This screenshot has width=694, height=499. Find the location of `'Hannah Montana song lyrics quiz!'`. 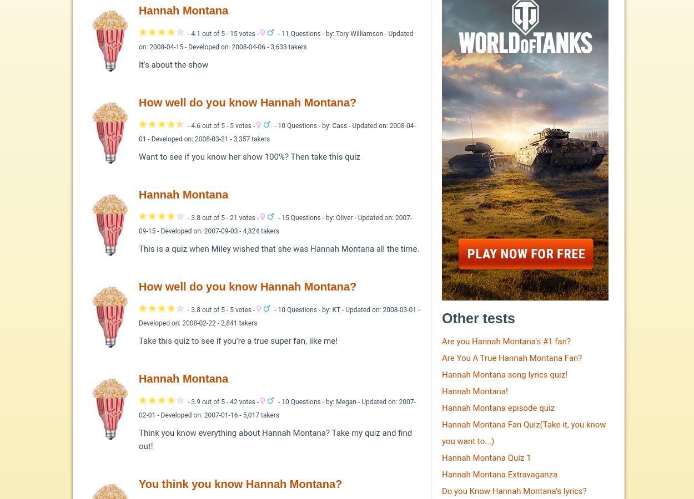

'Hannah Montana song lyrics quiz!' is located at coordinates (505, 374).